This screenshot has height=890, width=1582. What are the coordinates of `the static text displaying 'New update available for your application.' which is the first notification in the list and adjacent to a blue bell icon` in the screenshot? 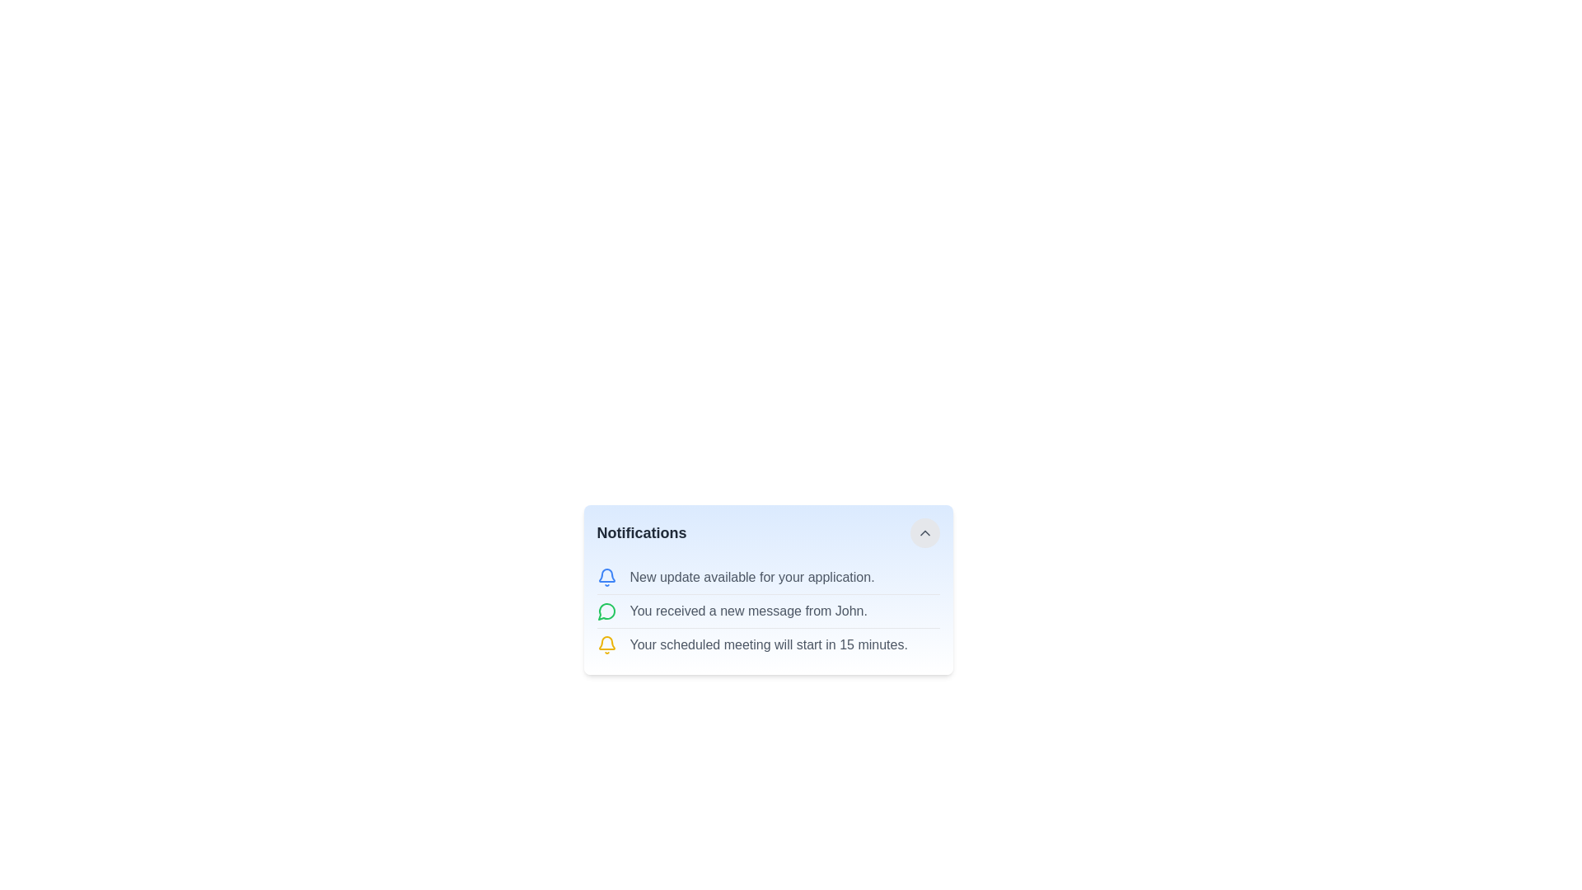 It's located at (751, 577).